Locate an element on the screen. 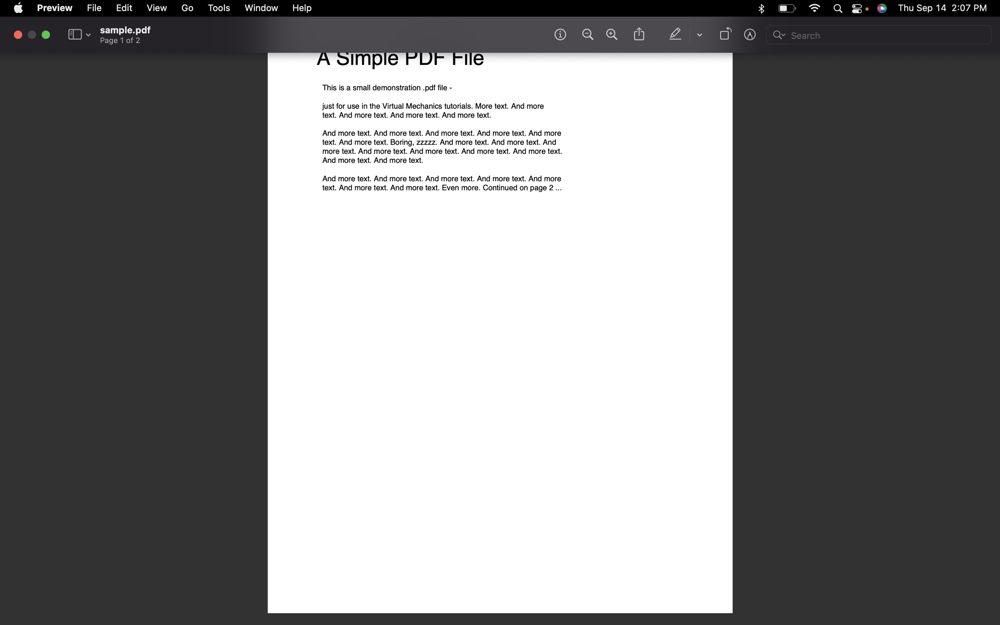  Share the document with Messages is located at coordinates (638, 35).